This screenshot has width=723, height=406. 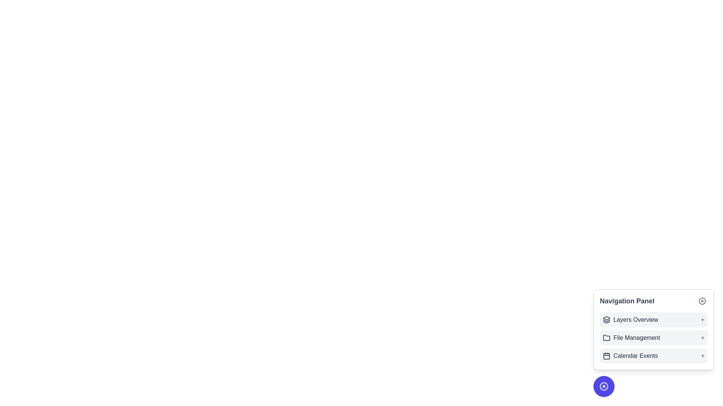 What do you see at coordinates (653, 337) in the screenshot?
I see `the 'File Management' menu item within the navigation panel` at bounding box center [653, 337].